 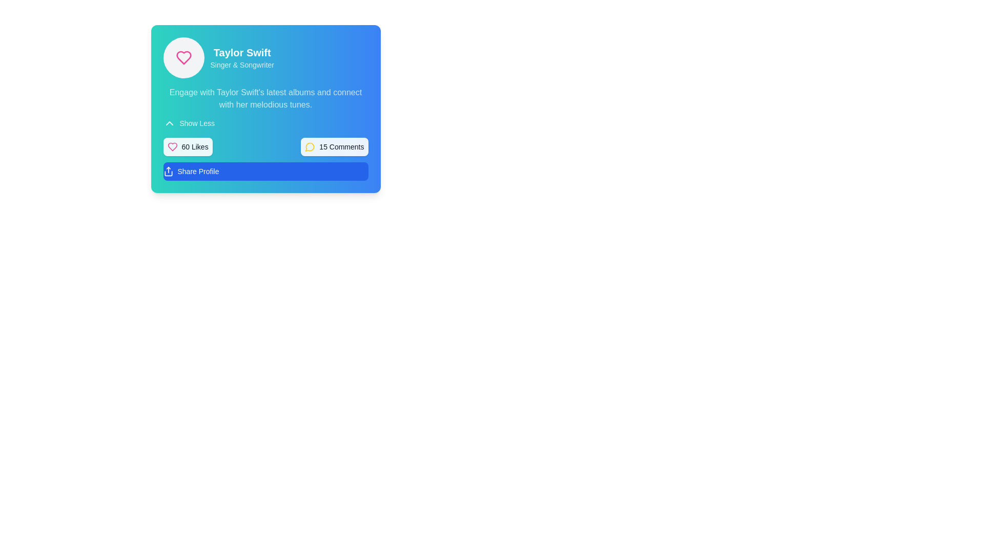 I want to click on the comments icon, which is located to the right of the '60 Likes' text and serves as the visual indicator for the comments functionality, so click(x=310, y=146).